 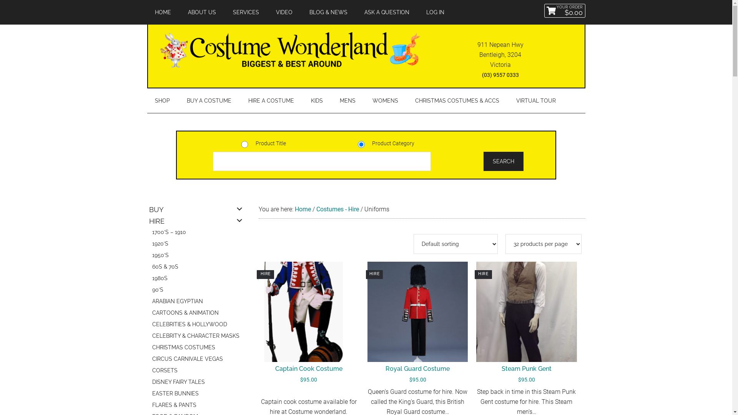 What do you see at coordinates (196, 348) in the screenshot?
I see `'CHRISTMAS COSTUMES'` at bounding box center [196, 348].